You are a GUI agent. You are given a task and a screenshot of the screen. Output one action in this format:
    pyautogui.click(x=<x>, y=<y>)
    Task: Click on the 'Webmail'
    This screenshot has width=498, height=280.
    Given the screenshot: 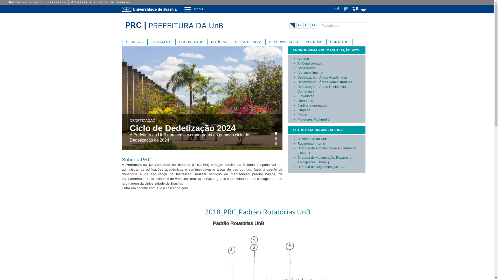 What is the action you would take?
    pyautogui.click(x=337, y=9)
    